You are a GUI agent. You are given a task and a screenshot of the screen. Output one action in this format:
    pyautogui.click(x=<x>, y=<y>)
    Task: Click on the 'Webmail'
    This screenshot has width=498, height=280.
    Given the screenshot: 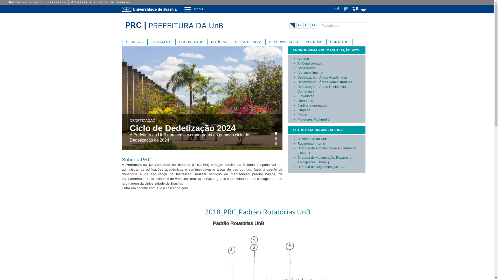 What is the action you would take?
    pyautogui.click(x=337, y=9)
    